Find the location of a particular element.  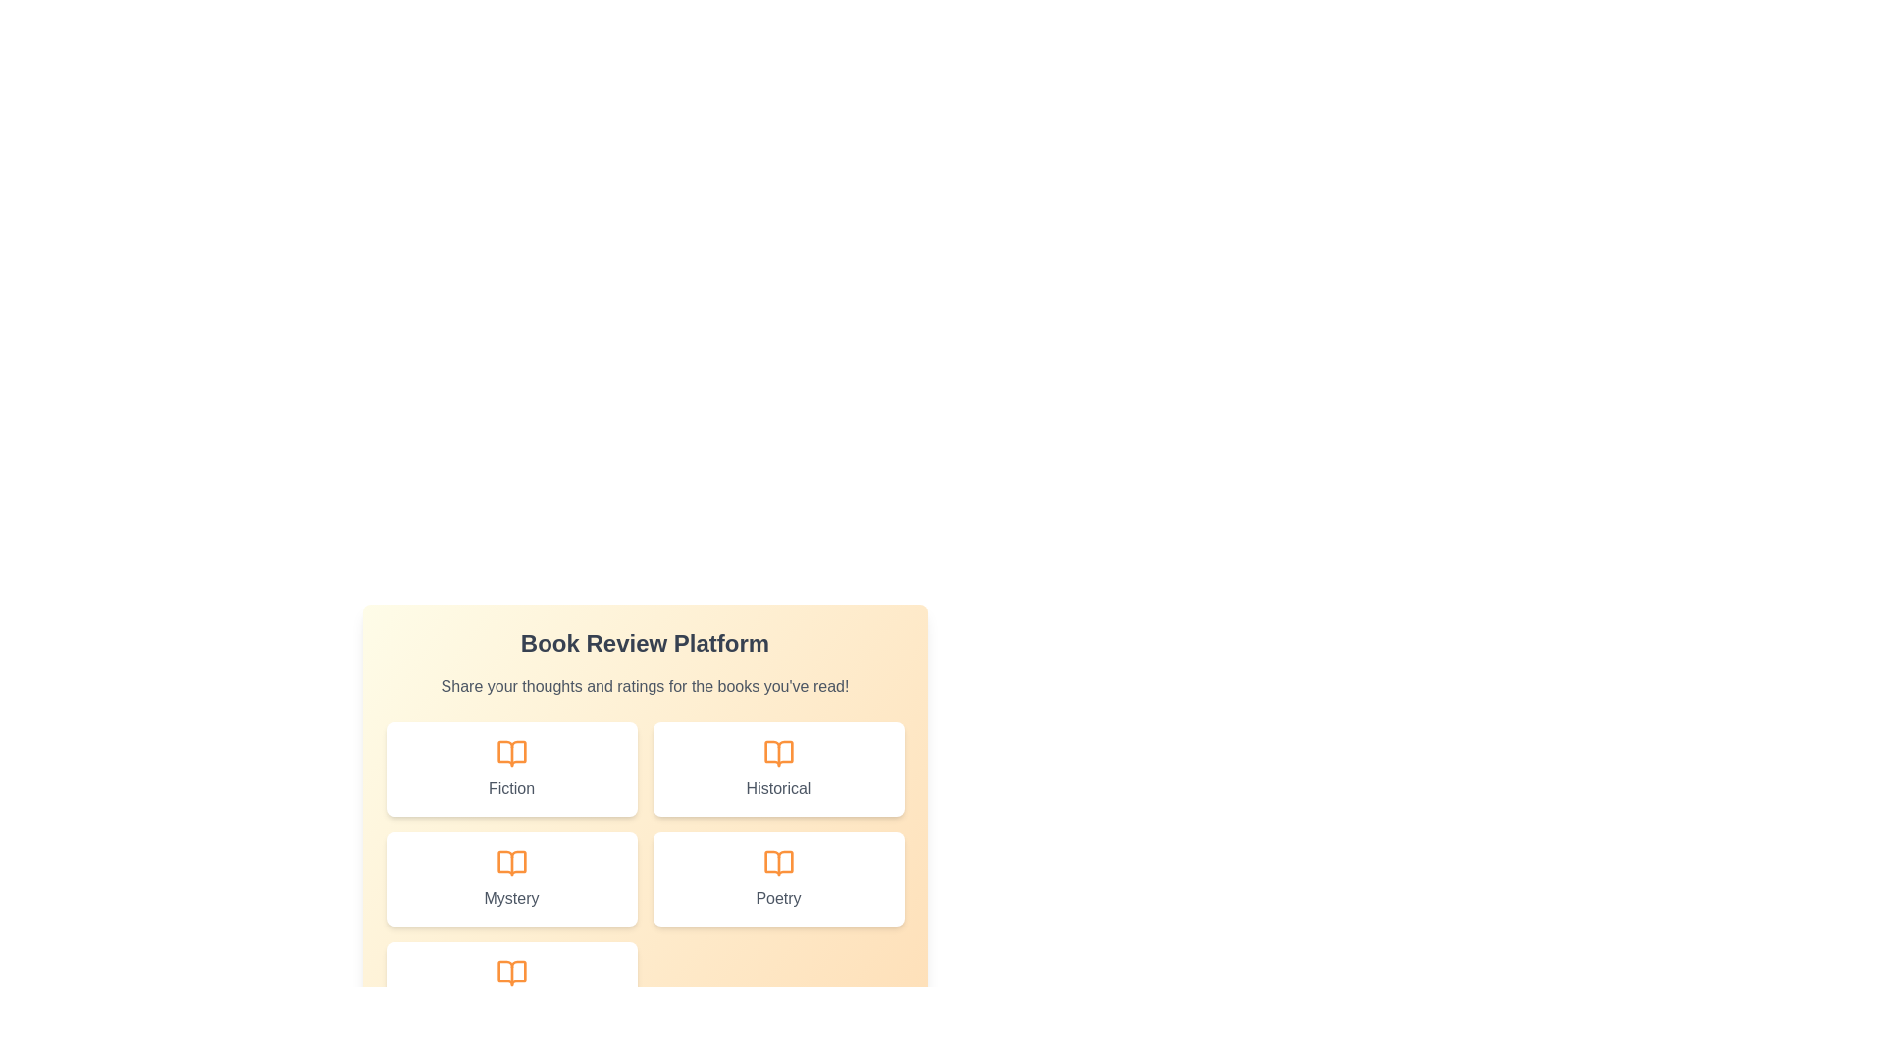

the orange book icon located in the upper-right quadrant of the grid layout, positioned above the text 'Historical' is located at coordinates (777, 752).